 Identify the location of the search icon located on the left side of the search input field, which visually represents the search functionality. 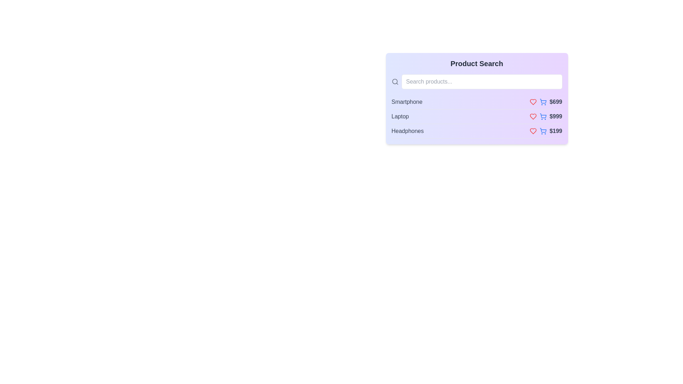
(395, 81).